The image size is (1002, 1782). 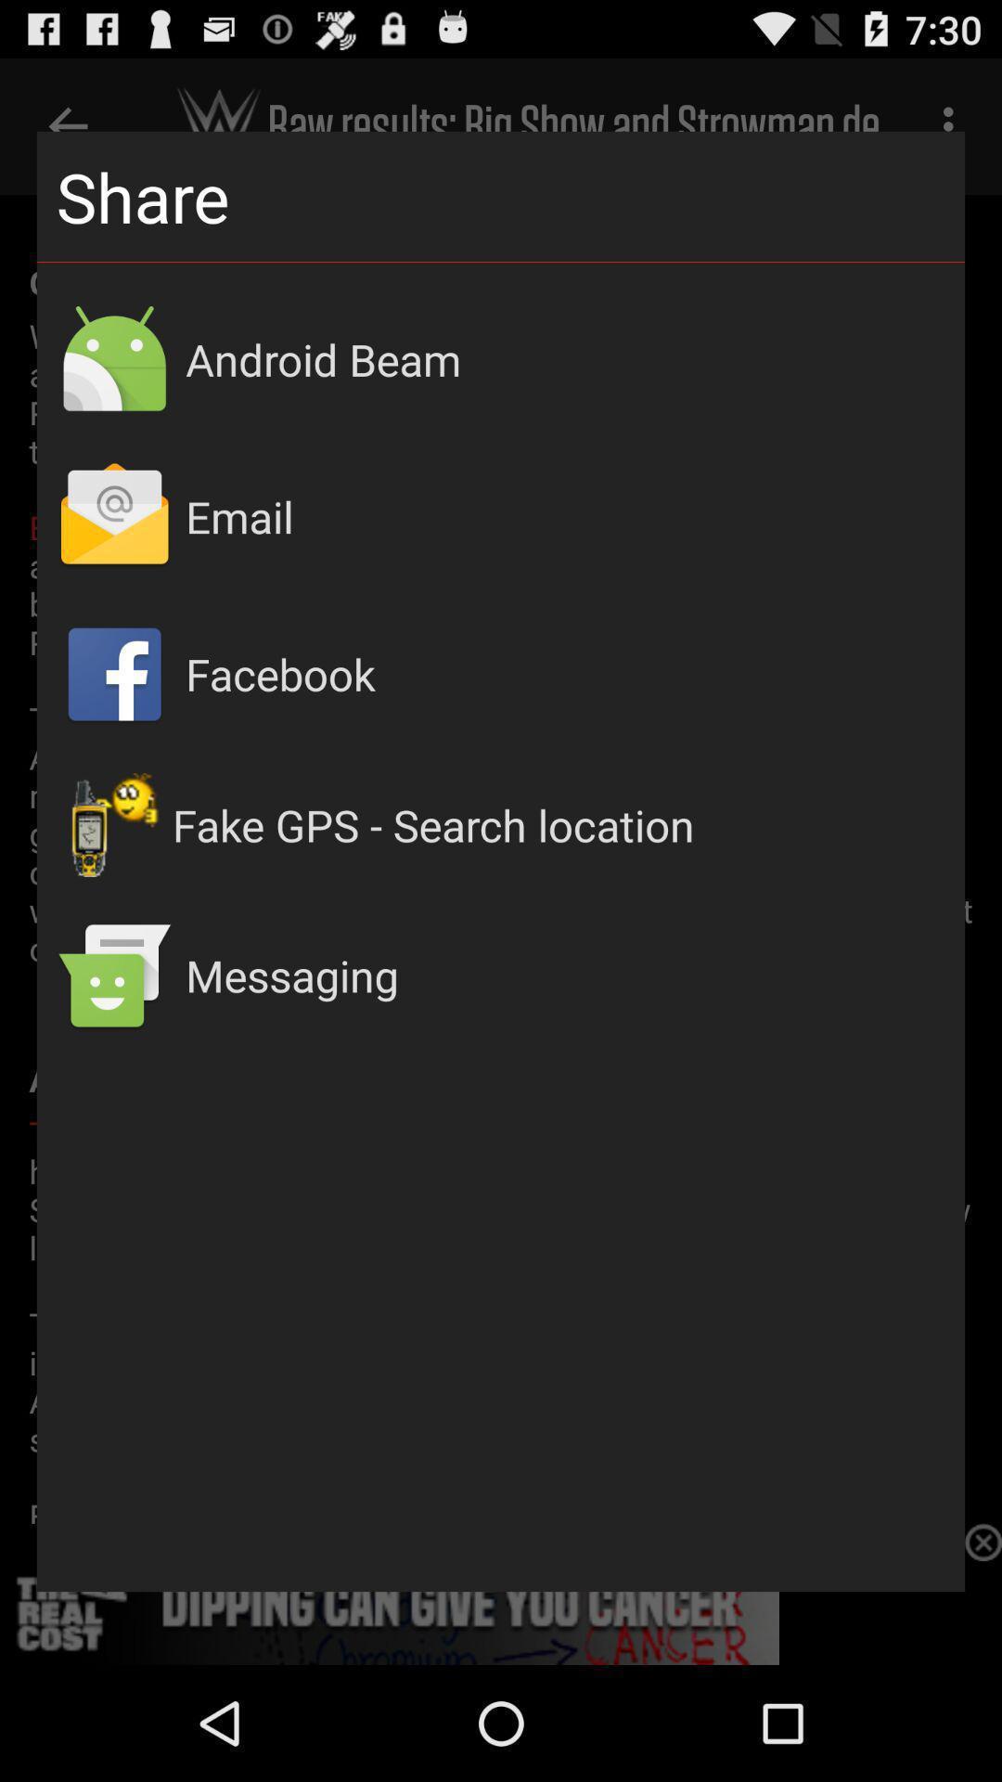 What do you see at coordinates (564, 673) in the screenshot?
I see `the app above the fake gps search app` at bounding box center [564, 673].